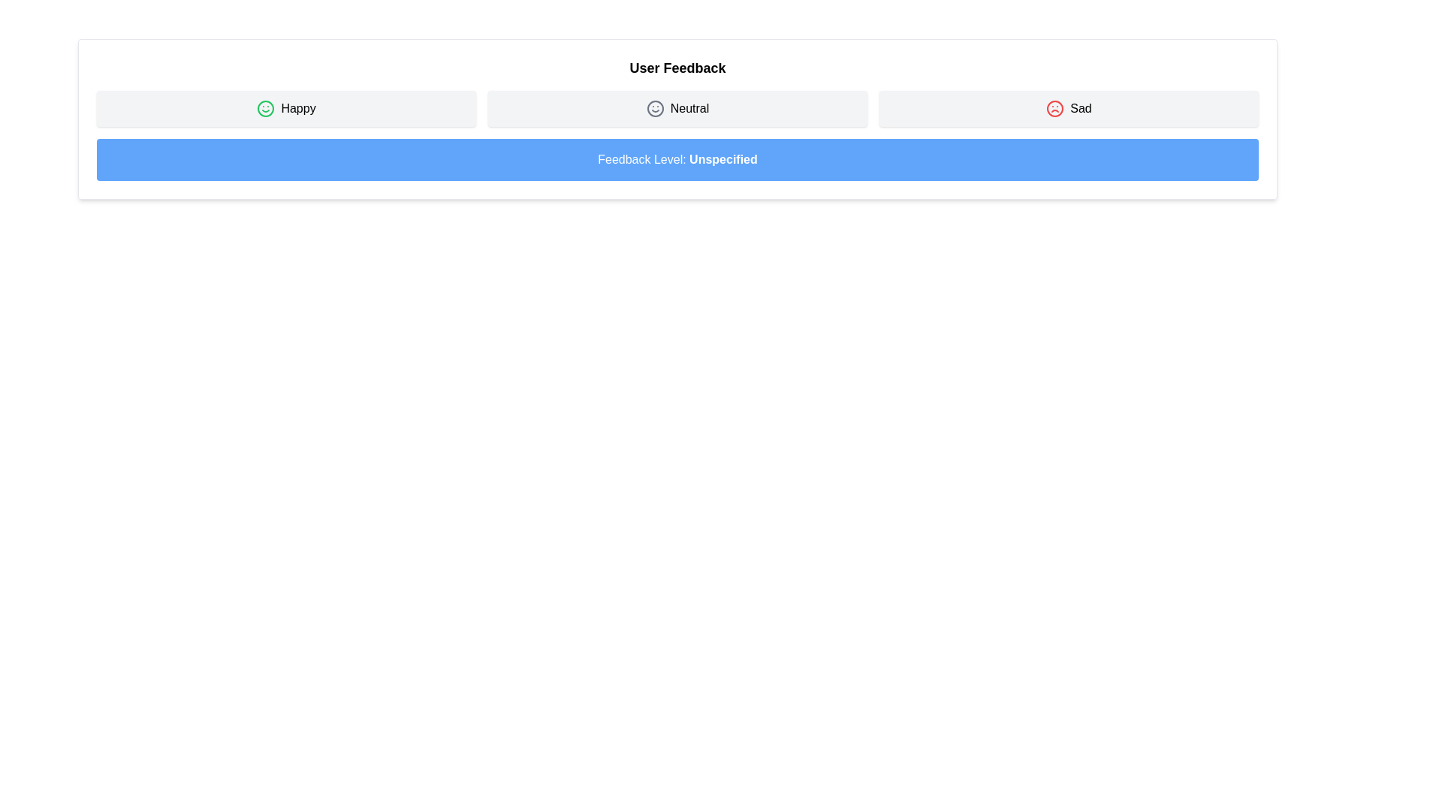 The height and width of the screenshot is (811, 1442). I want to click on the smiley face icon, which is green in color and represents a pleasant emotion, so click(266, 108).